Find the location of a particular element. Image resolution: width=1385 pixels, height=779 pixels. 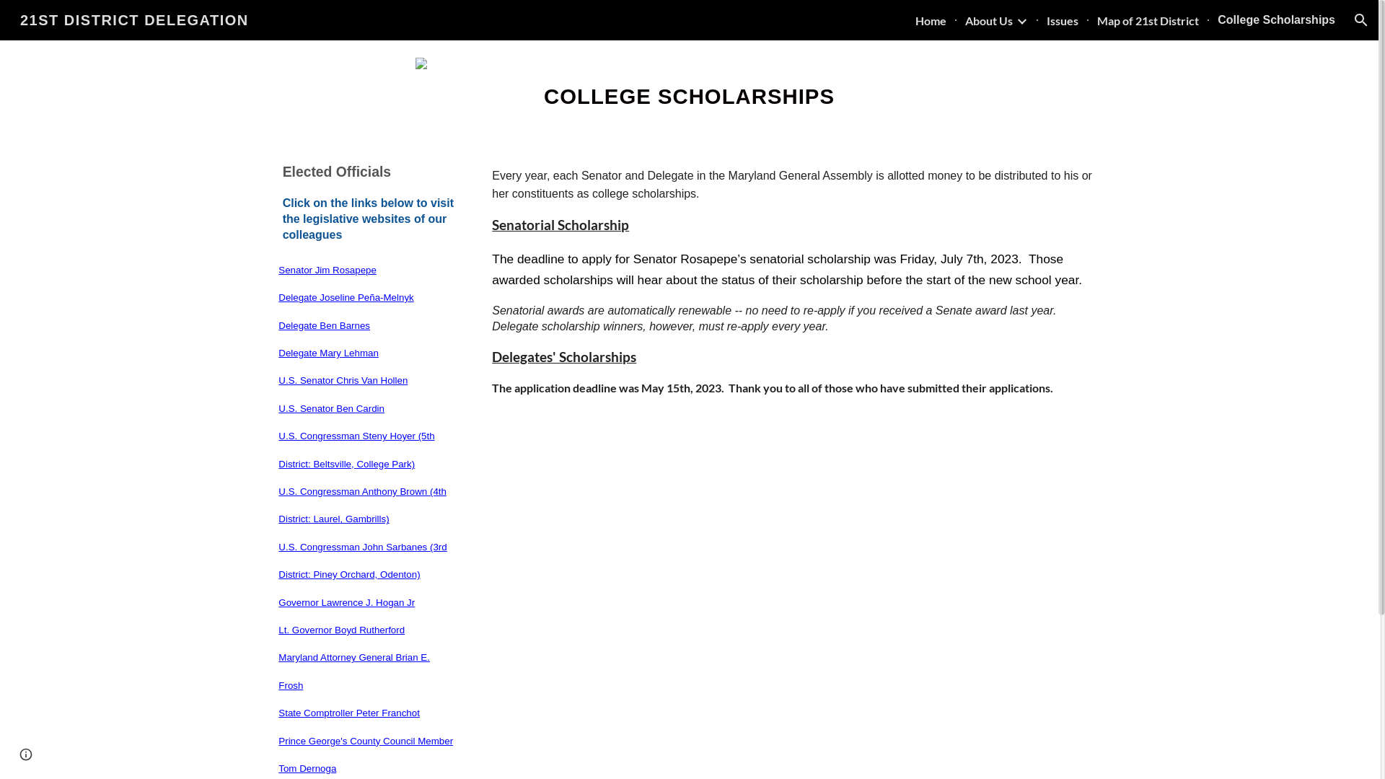

'Governor Lawrence J. Hogan Jr' is located at coordinates (346, 602).